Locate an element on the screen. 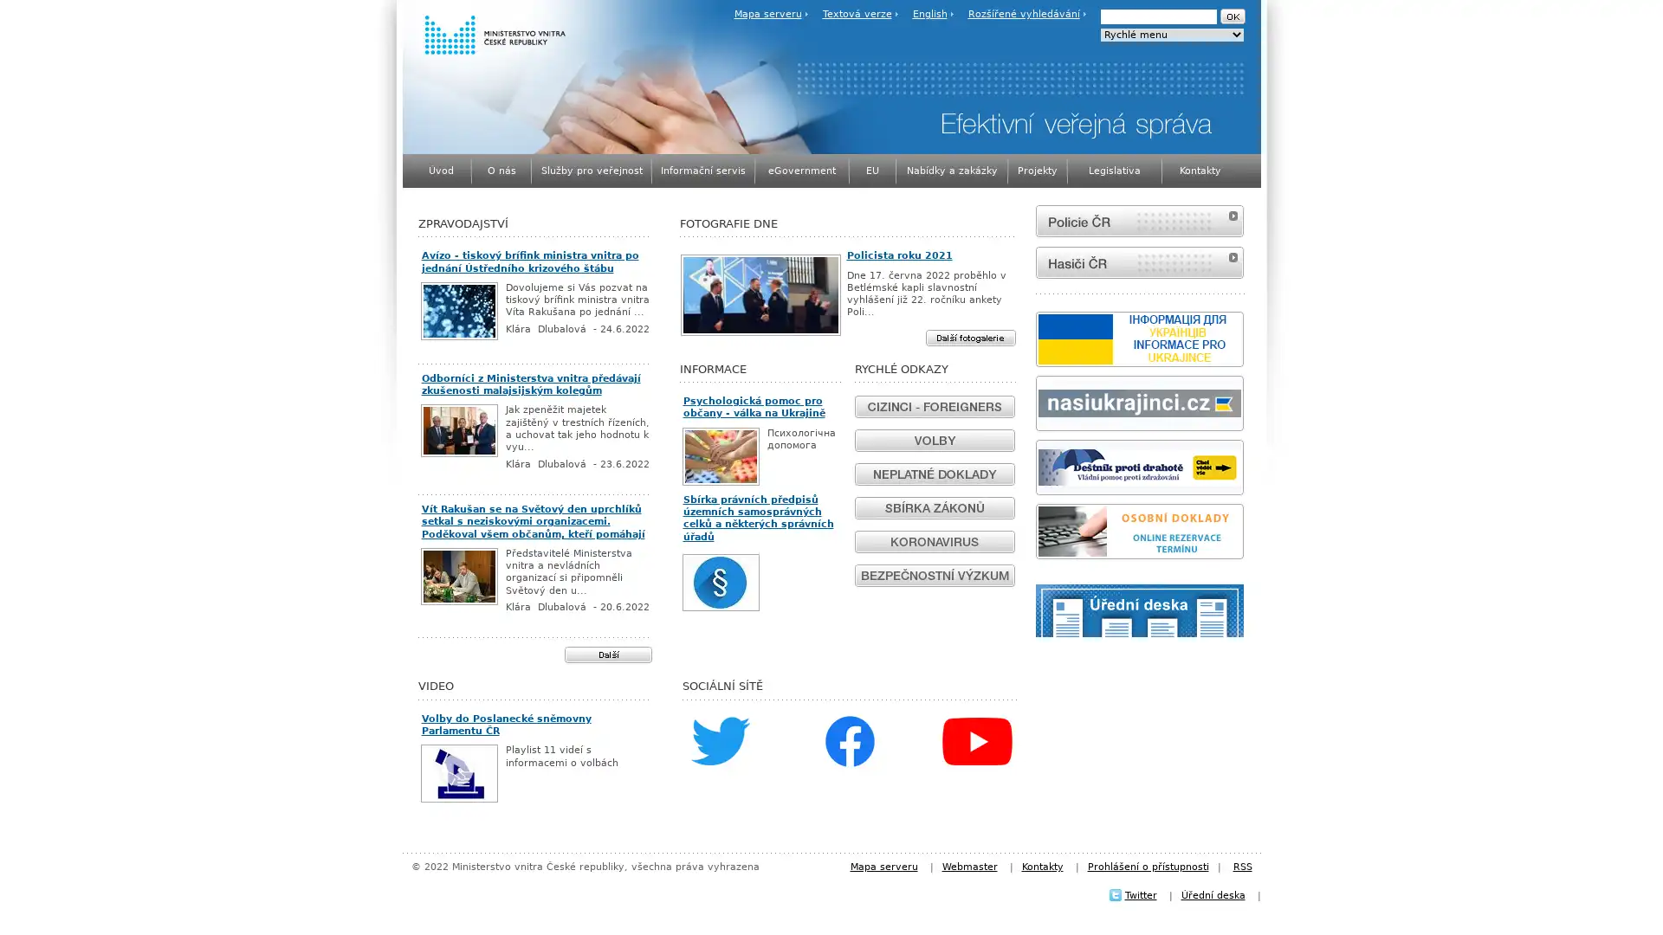 Image resolution: width=1663 pixels, height=935 pixels. ok is located at coordinates (1231, 16).